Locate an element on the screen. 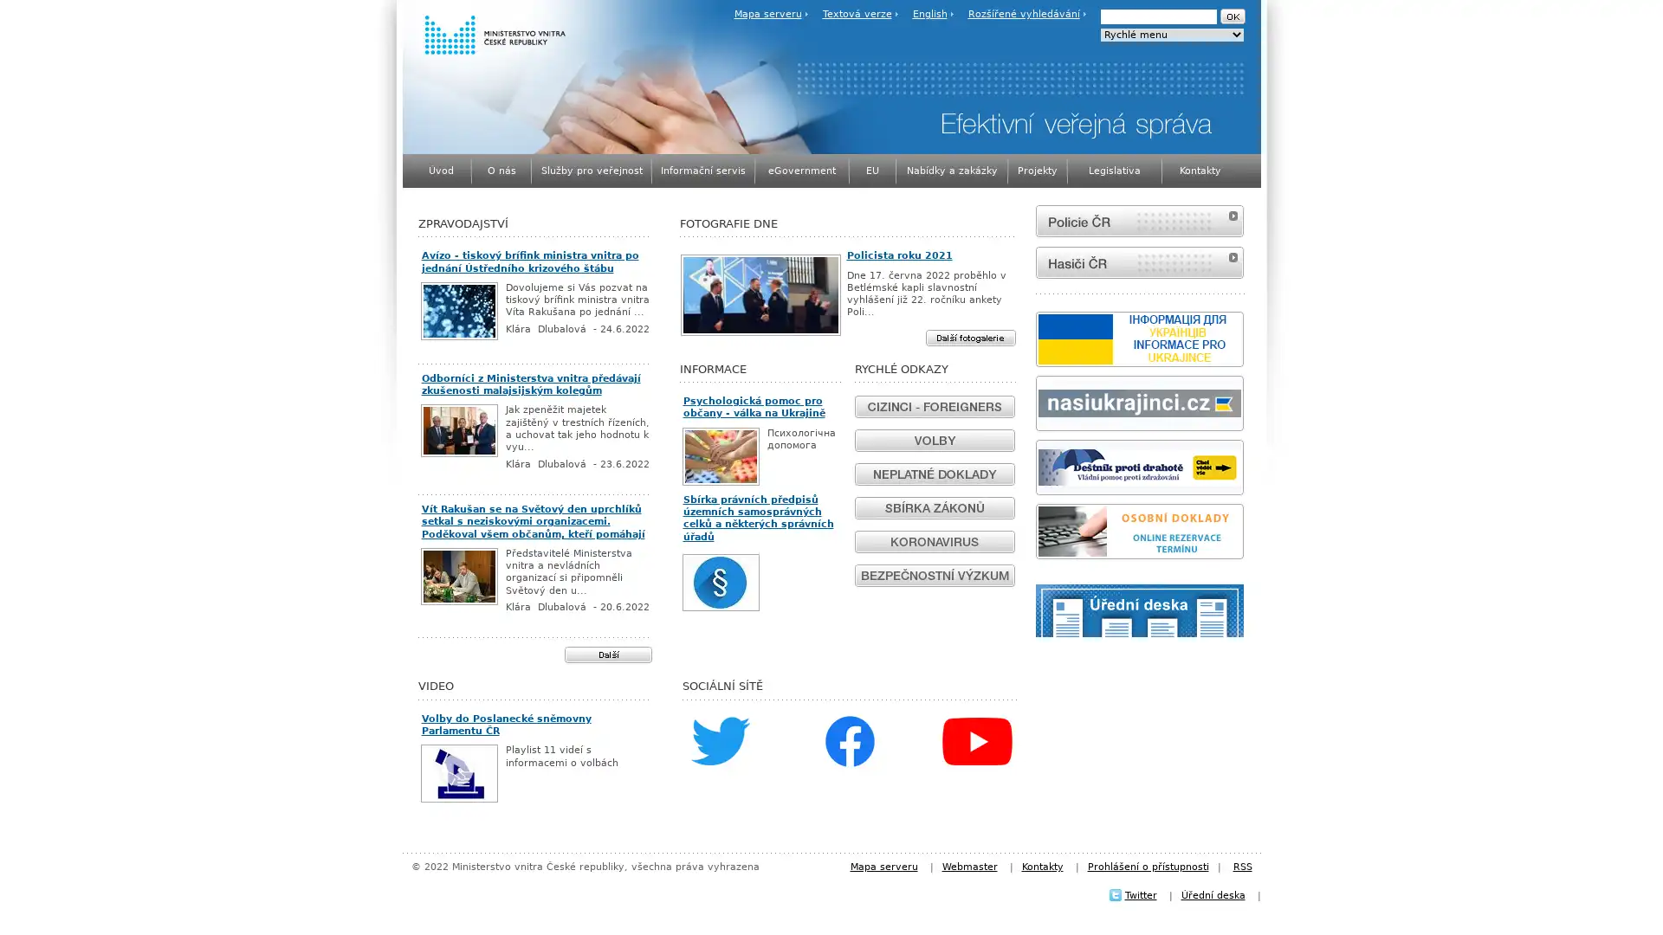 Image resolution: width=1663 pixels, height=935 pixels. ok is located at coordinates (1231, 16).